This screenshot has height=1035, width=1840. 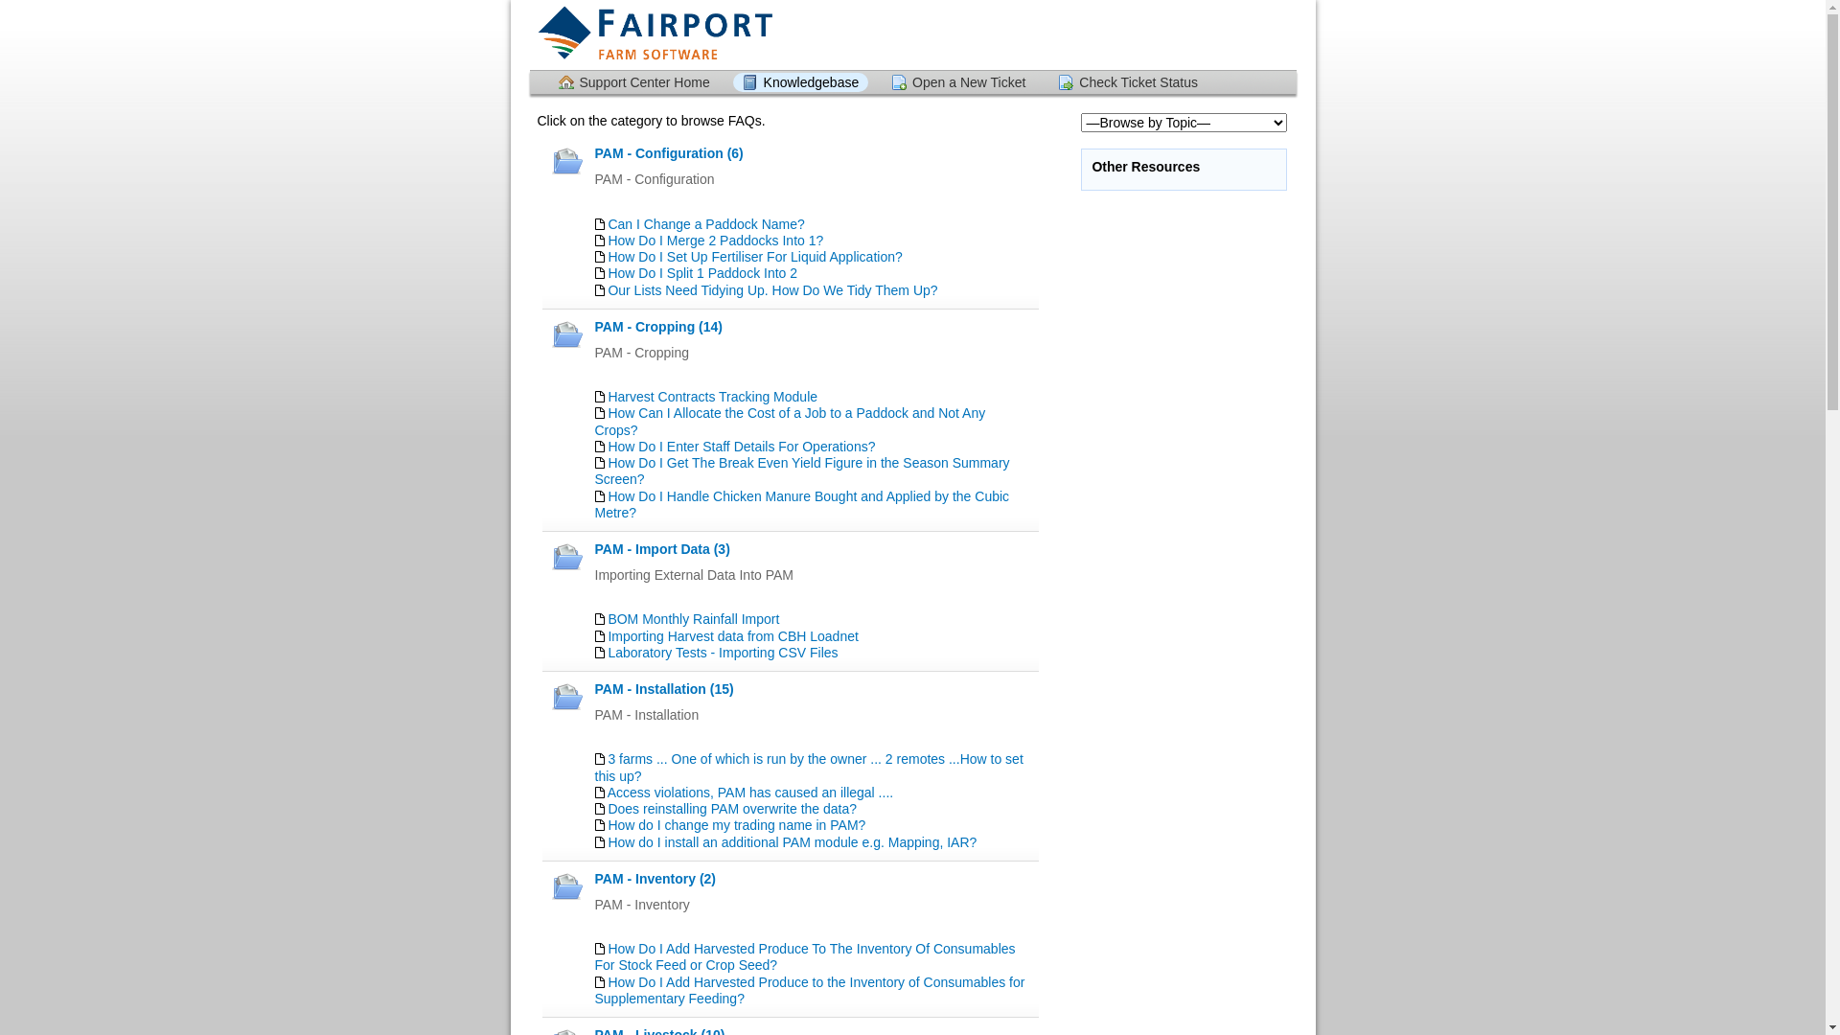 What do you see at coordinates (606, 635) in the screenshot?
I see `'Importing Harvest data from CBH Loadnet'` at bounding box center [606, 635].